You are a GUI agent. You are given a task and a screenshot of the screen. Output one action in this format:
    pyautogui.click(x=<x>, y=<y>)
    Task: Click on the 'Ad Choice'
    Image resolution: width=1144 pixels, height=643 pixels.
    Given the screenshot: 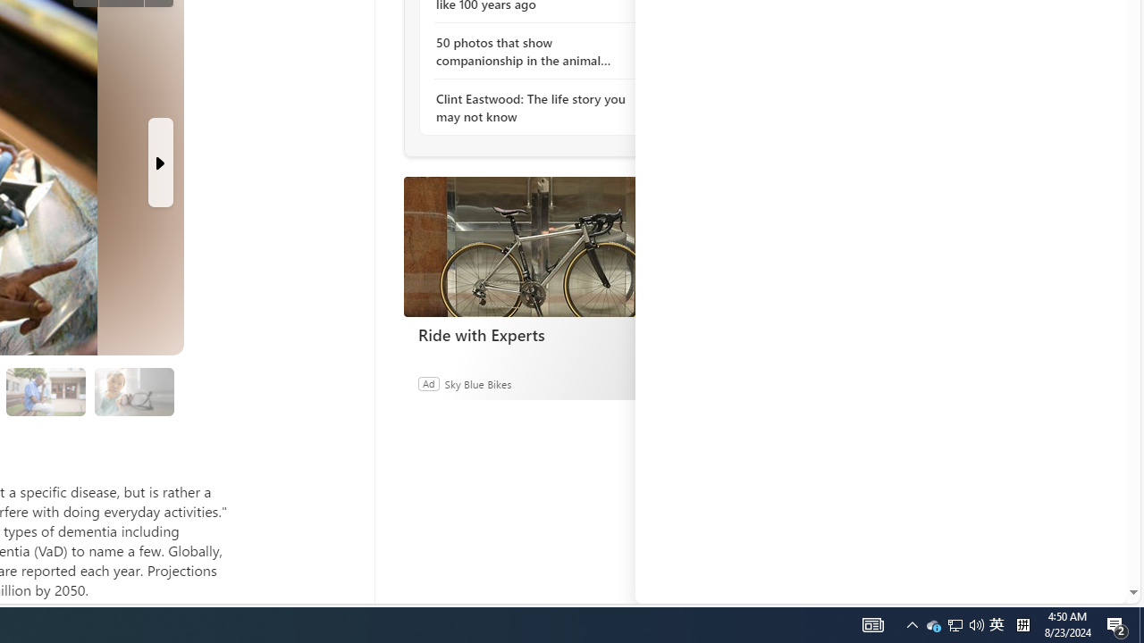 What is the action you would take?
    pyautogui.click(x=651, y=382)
    